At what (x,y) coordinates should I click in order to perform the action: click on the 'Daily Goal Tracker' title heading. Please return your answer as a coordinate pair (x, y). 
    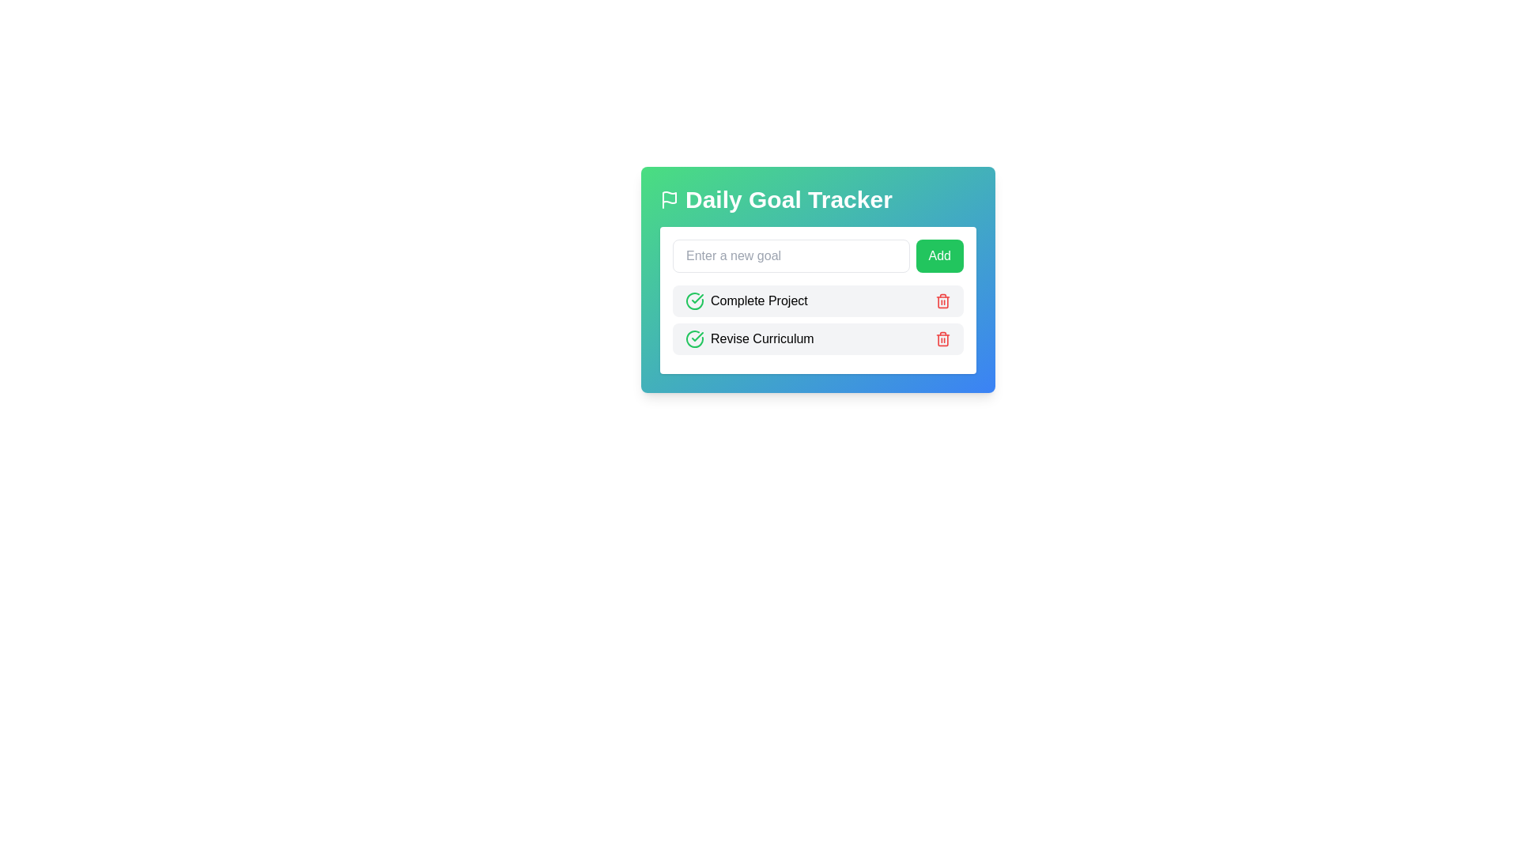
    Looking at the image, I should click on (818, 199).